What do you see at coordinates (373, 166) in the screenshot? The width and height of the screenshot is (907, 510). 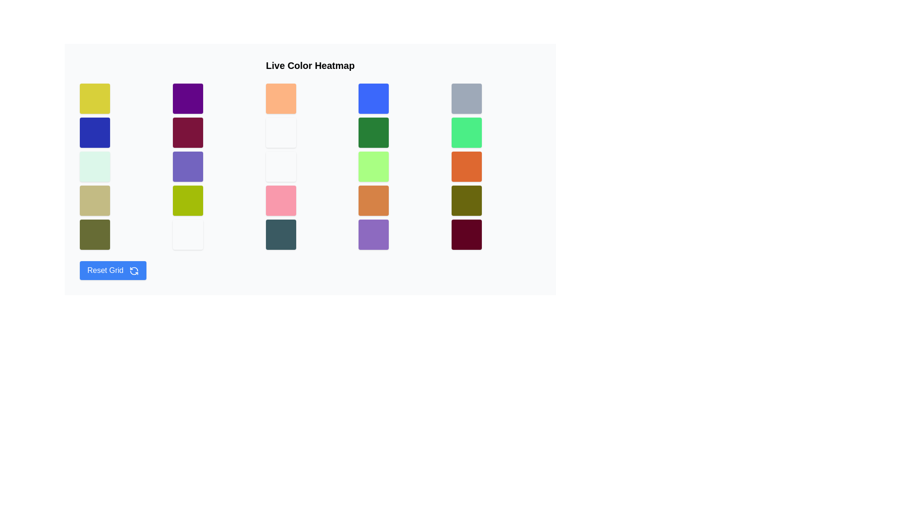 I see `the Square UI tile located in the 4th column and 3rd row of the grid layout, which corresponds to a specific data point in the color heatmap application` at bounding box center [373, 166].